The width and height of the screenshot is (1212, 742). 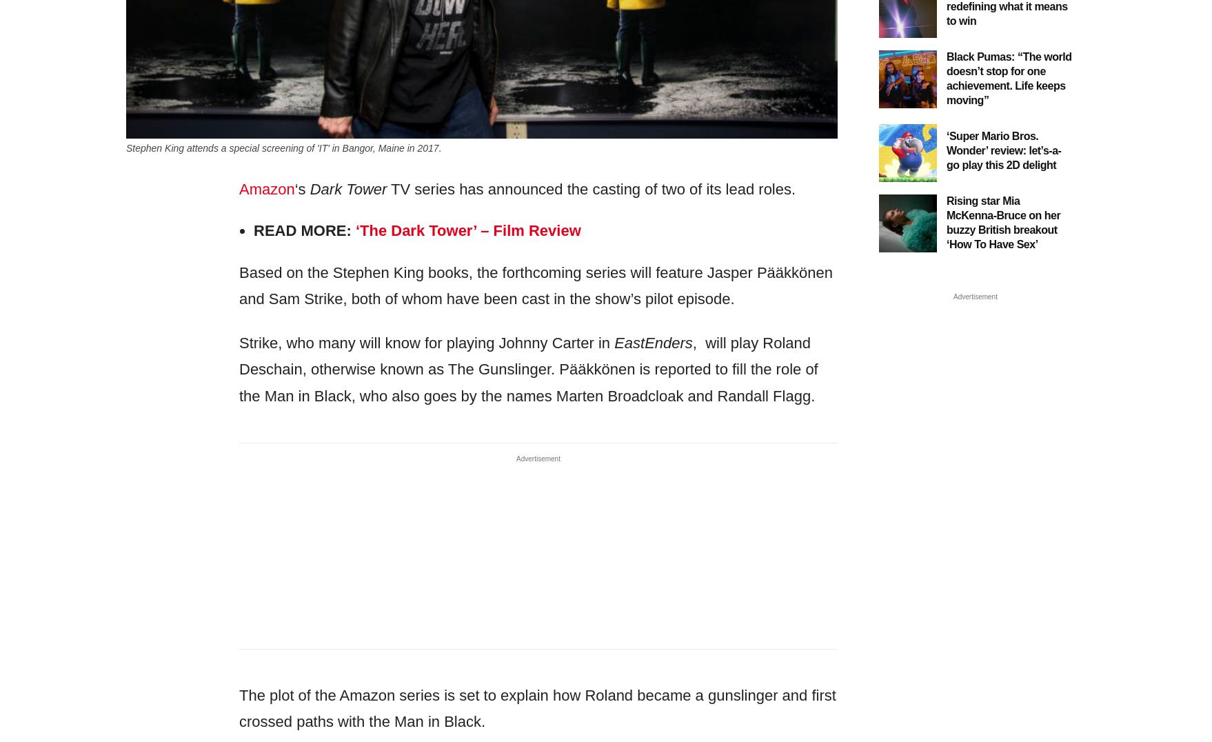 What do you see at coordinates (302, 230) in the screenshot?
I see `'Read More:'` at bounding box center [302, 230].